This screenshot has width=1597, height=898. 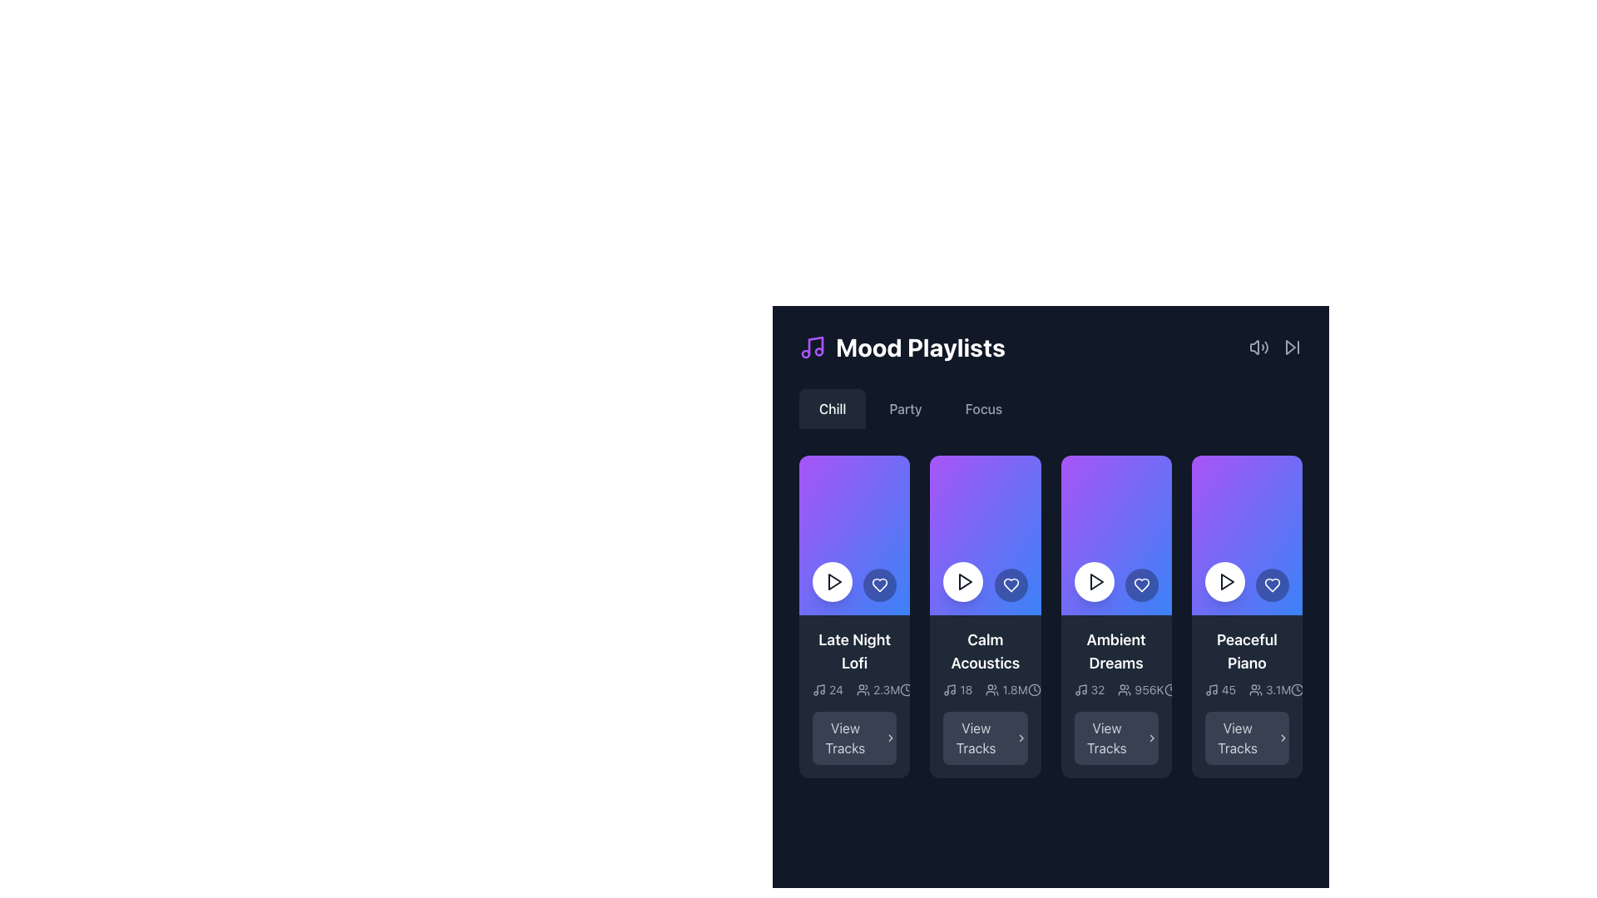 I want to click on the 'like' button located in the lower-right corner of the 'Ambient Dreams' playlist card to indicate preference for the playlist, so click(x=1140, y=585).